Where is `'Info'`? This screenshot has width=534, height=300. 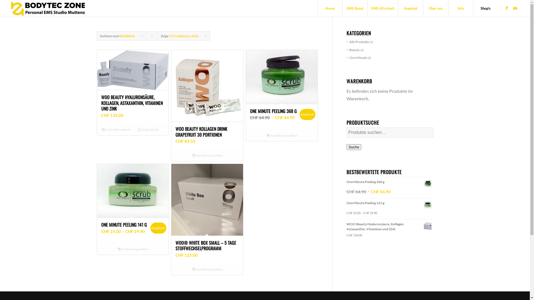 'Info' is located at coordinates (461, 8).